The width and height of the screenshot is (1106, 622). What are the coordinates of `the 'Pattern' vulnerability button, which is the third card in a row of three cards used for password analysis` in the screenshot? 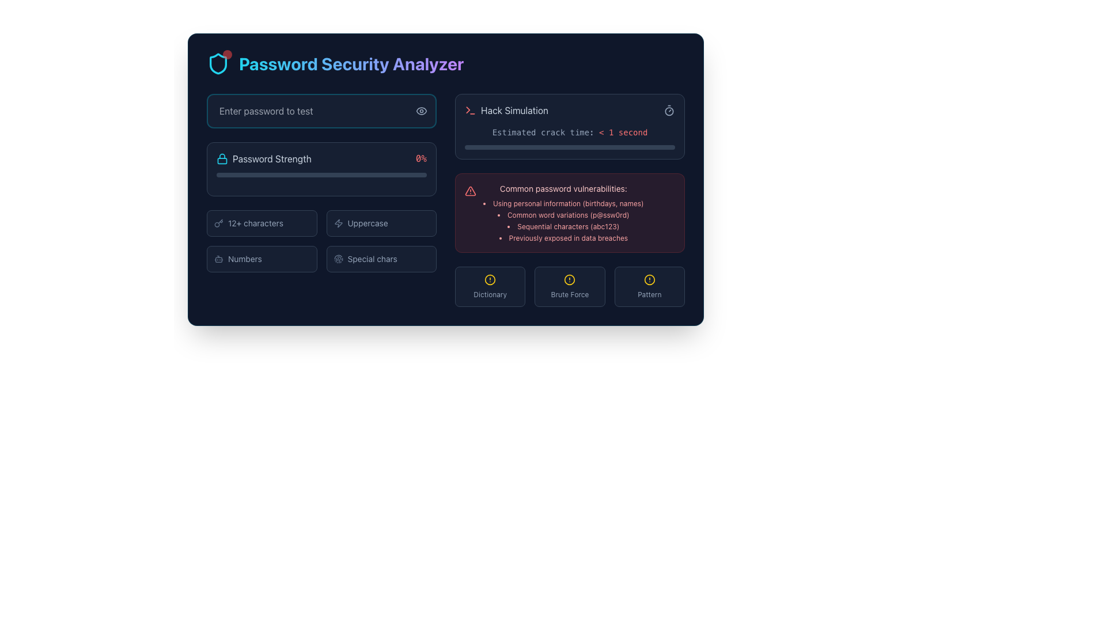 It's located at (649, 286).